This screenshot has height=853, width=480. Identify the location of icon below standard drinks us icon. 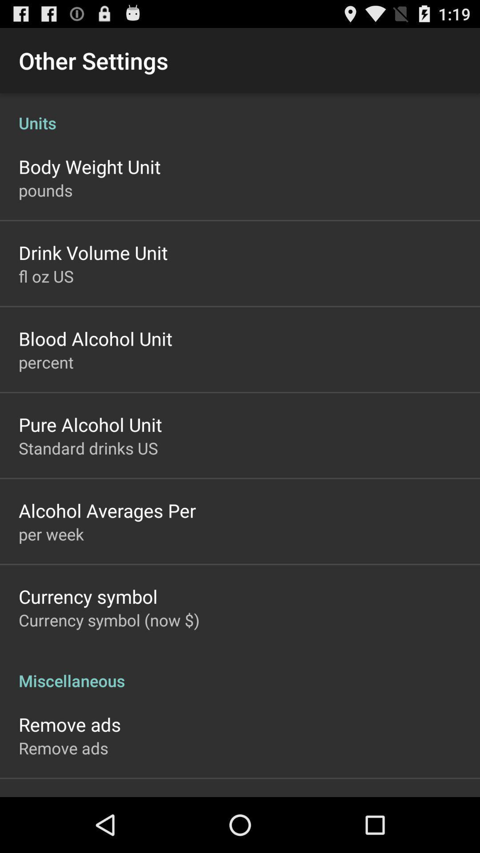
(107, 510).